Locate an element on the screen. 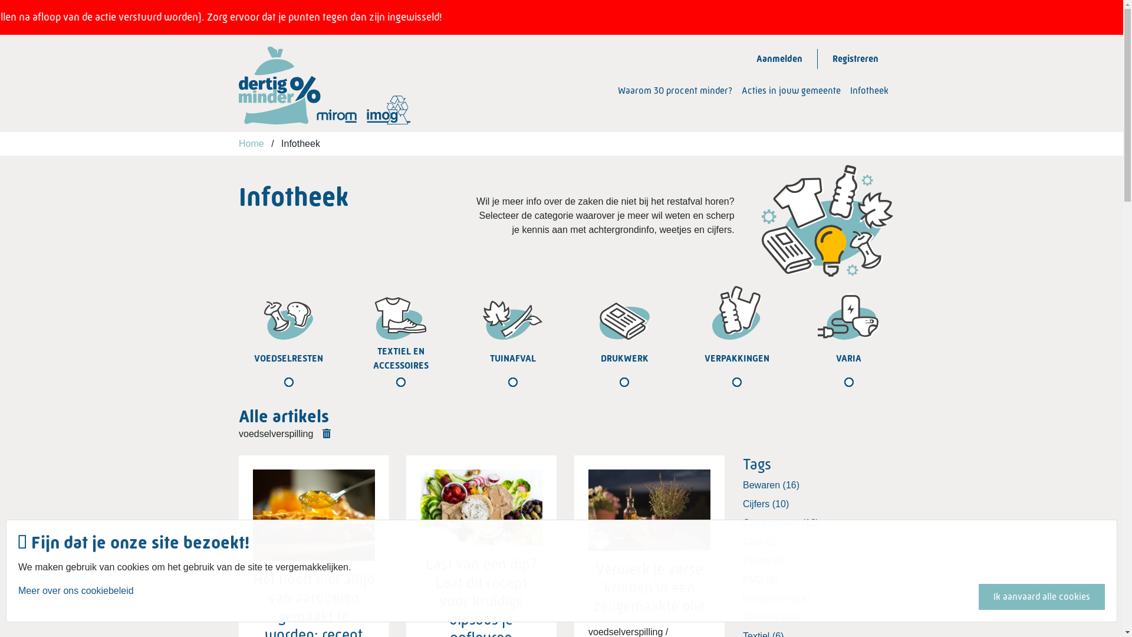  '3' is located at coordinates (458, 370).